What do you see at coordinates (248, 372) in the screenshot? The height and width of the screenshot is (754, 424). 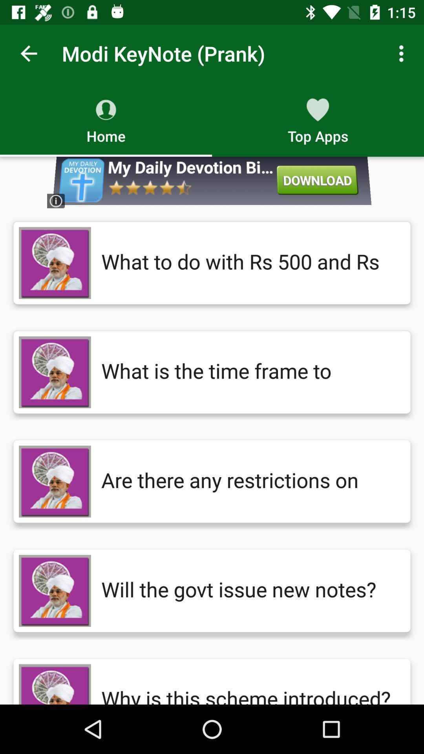 I see `what is the` at bounding box center [248, 372].